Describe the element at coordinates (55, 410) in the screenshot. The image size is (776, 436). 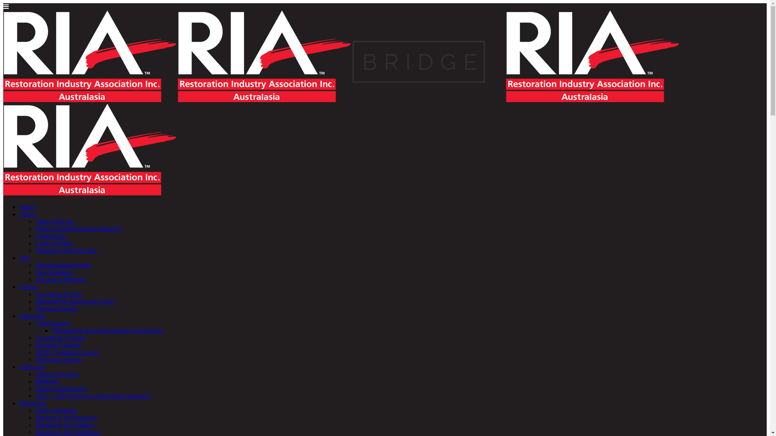
I see `'Find A Member'` at that location.